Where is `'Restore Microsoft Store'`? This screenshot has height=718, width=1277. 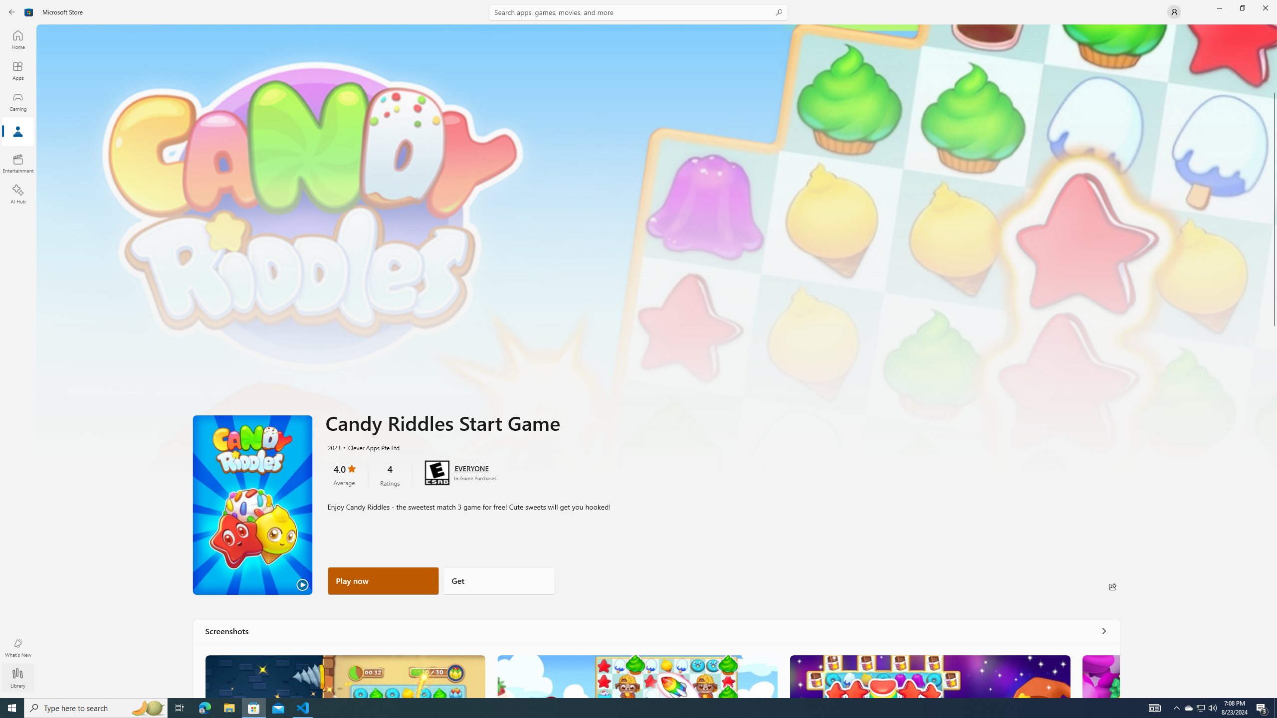 'Restore Microsoft Store' is located at coordinates (1242, 7).